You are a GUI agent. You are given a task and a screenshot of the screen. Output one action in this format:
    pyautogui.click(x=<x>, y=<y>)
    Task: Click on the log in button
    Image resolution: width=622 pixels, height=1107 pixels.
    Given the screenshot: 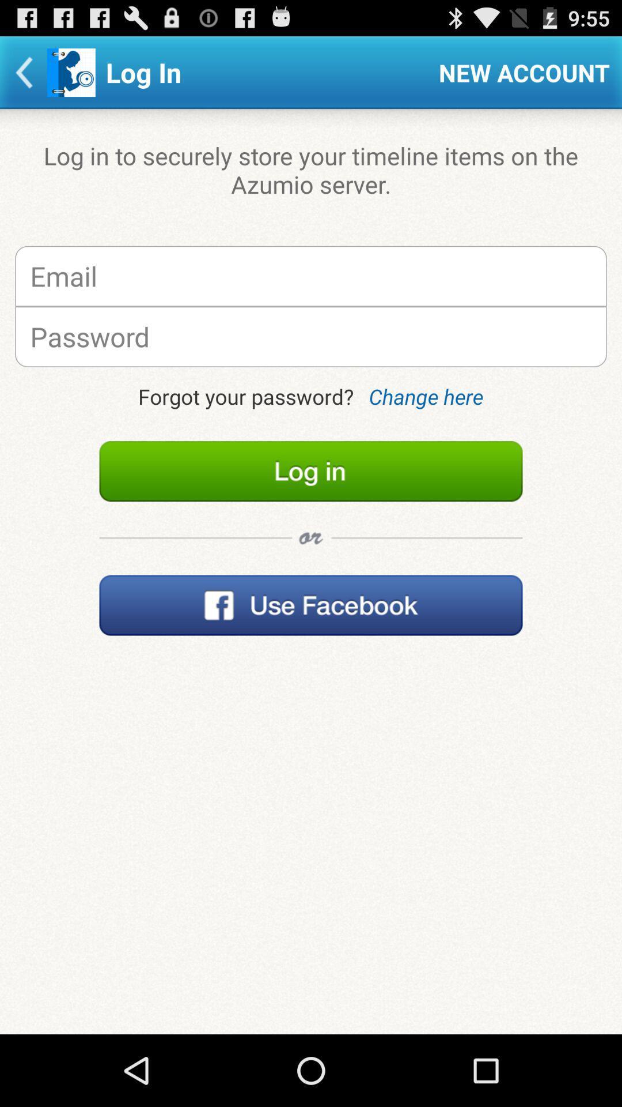 What is the action you would take?
    pyautogui.click(x=311, y=471)
    